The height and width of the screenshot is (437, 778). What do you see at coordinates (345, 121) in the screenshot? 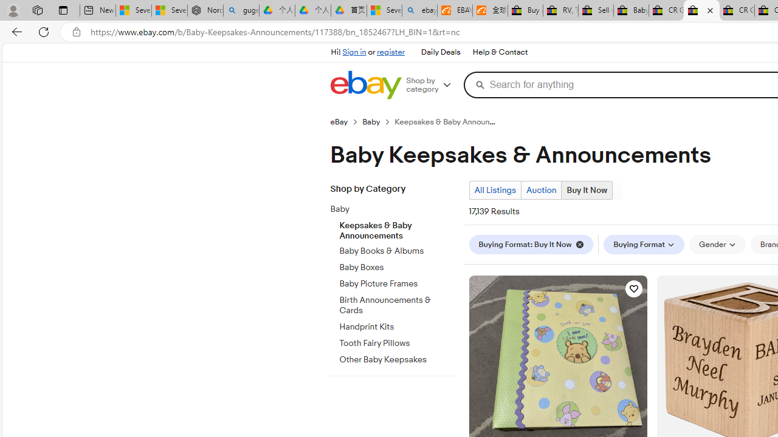
I see `'eBay'` at bounding box center [345, 121].